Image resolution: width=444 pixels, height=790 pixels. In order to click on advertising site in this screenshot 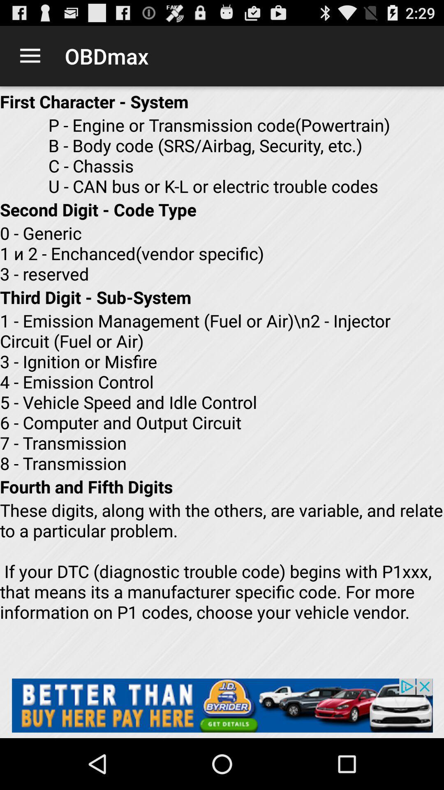, I will do `click(222, 705)`.